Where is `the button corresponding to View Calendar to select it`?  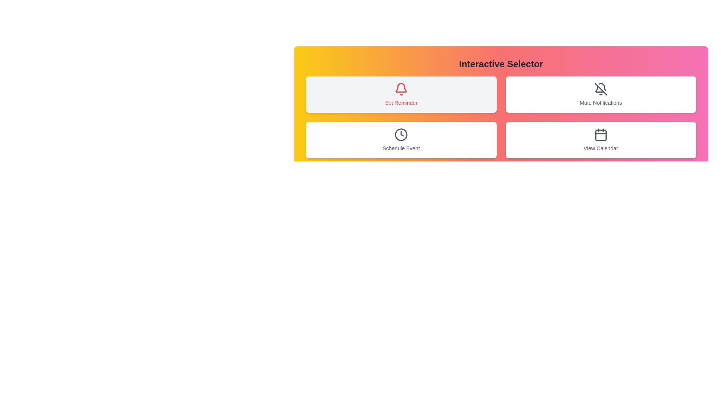
the button corresponding to View Calendar to select it is located at coordinates (600, 140).